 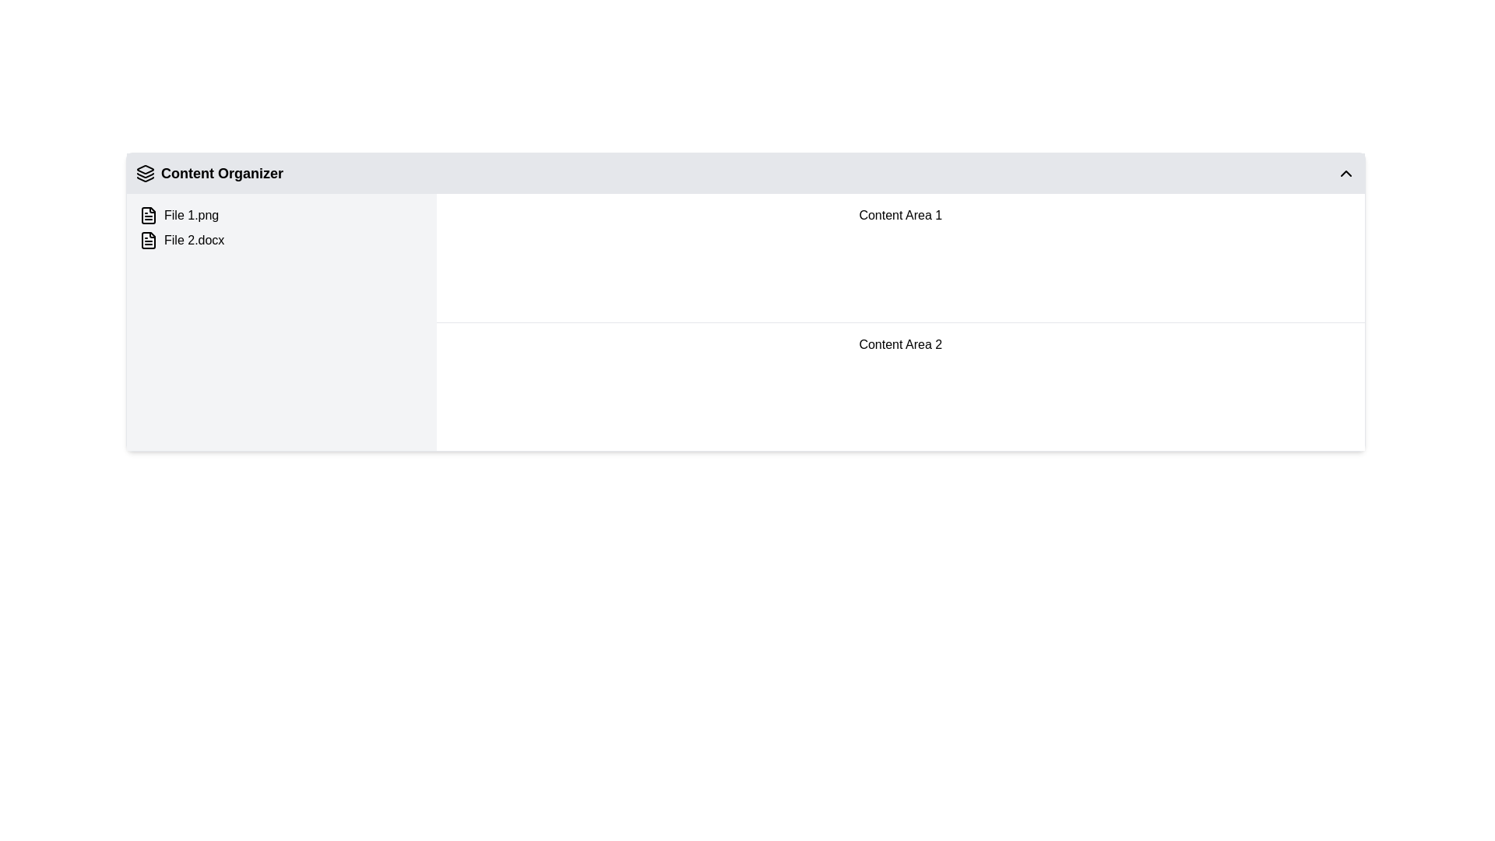 What do you see at coordinates (1345, 174) in the screenshot?
I see `the chevron icon button located in the top-right corner of the 'Content Organizer' header` at bounding box center [1345, 174].